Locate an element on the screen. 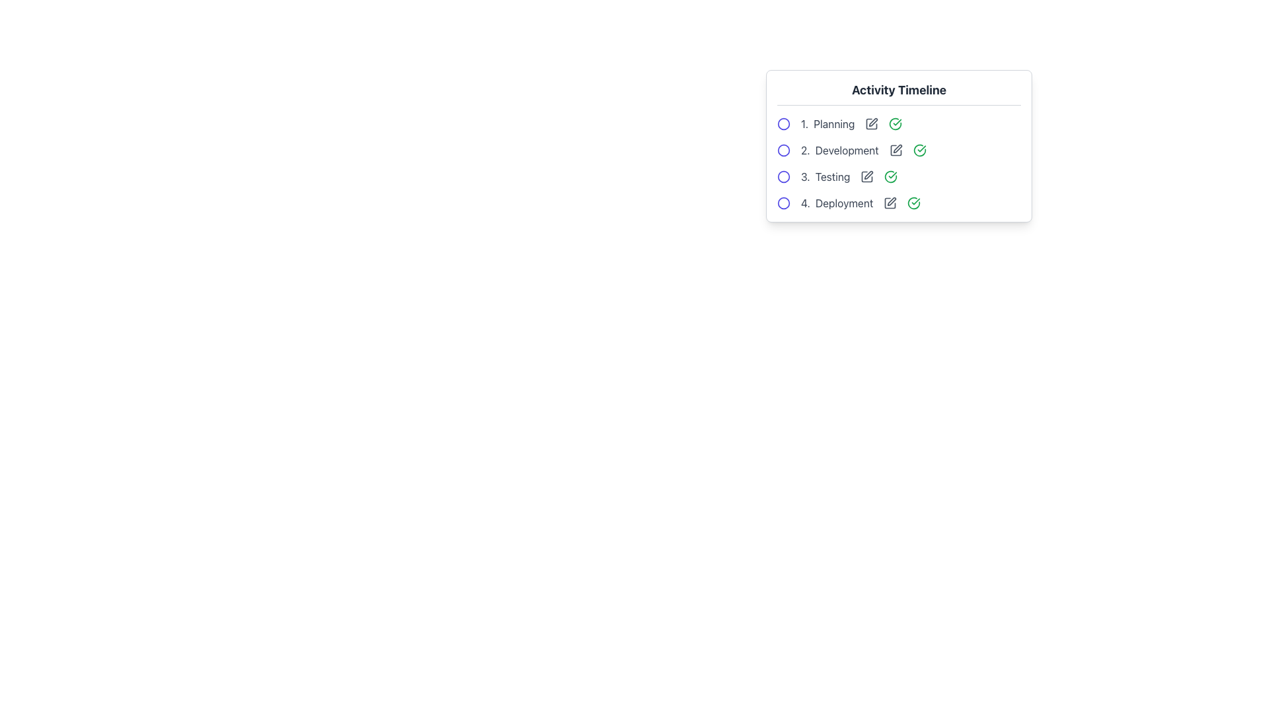 This screenshot has width=1268, height=713. the green checkmark icon located at the end of the text '3. Testing' in the activity timeline is located at coordinates (891, 176).